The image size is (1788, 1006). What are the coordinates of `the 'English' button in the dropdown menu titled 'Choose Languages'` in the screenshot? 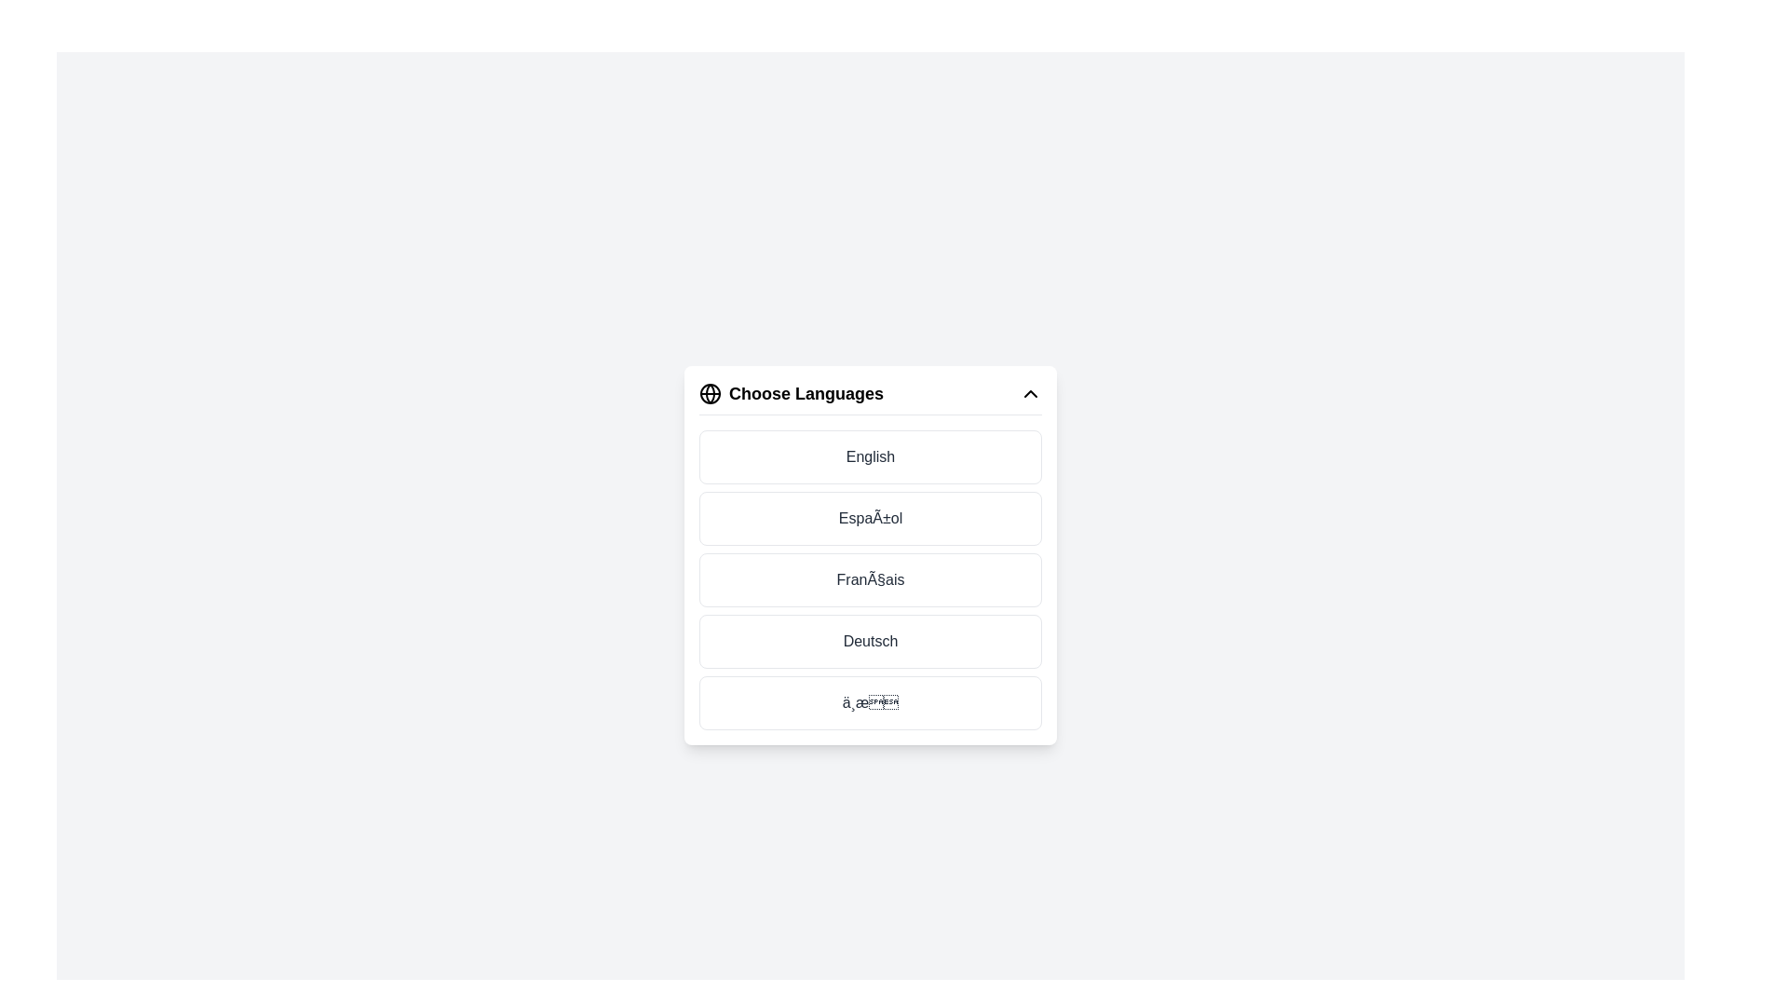 It's located at (870, 456).